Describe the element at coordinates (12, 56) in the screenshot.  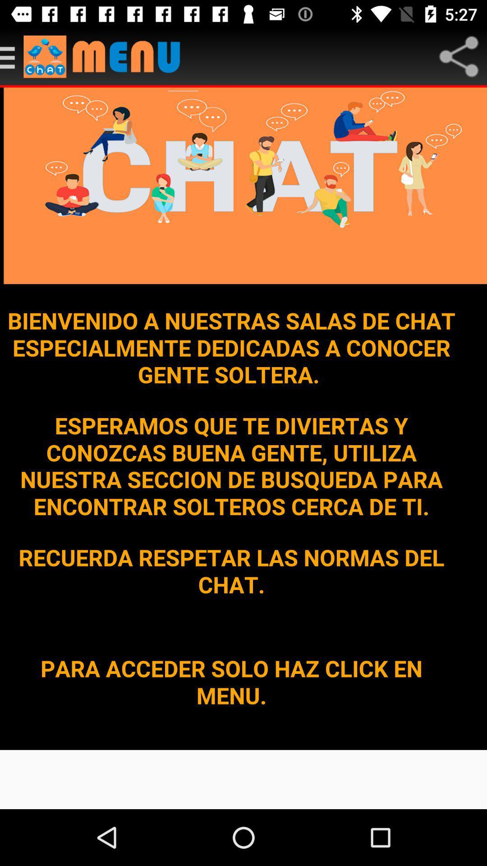
I see `the menu icon` at that location.